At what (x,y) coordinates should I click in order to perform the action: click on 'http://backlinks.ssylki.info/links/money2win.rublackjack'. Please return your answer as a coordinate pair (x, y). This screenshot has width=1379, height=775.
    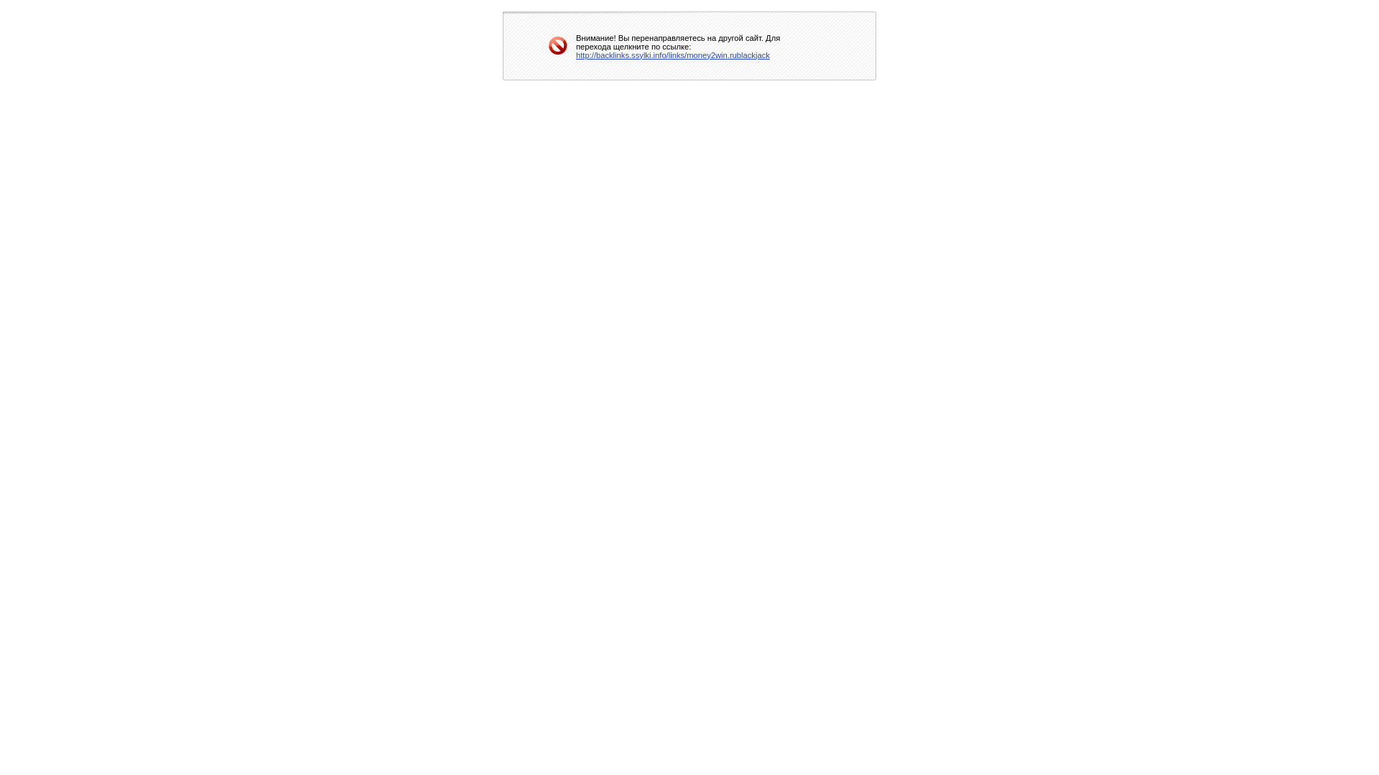
    Looking at the image, I should click on (672, 54).